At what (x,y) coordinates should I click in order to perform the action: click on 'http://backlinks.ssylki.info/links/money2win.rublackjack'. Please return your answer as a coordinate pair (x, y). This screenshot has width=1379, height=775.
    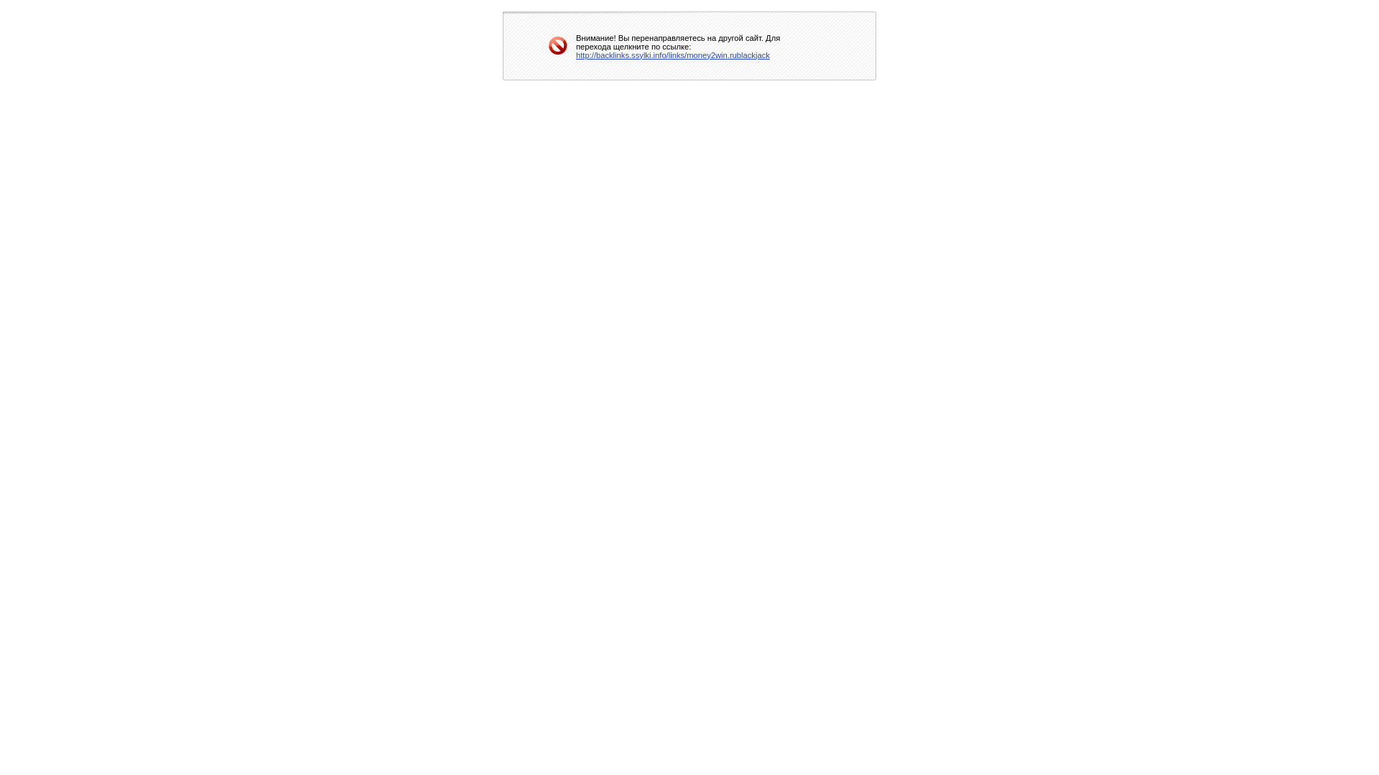
    Looking at the image, I should click on (672, 54).